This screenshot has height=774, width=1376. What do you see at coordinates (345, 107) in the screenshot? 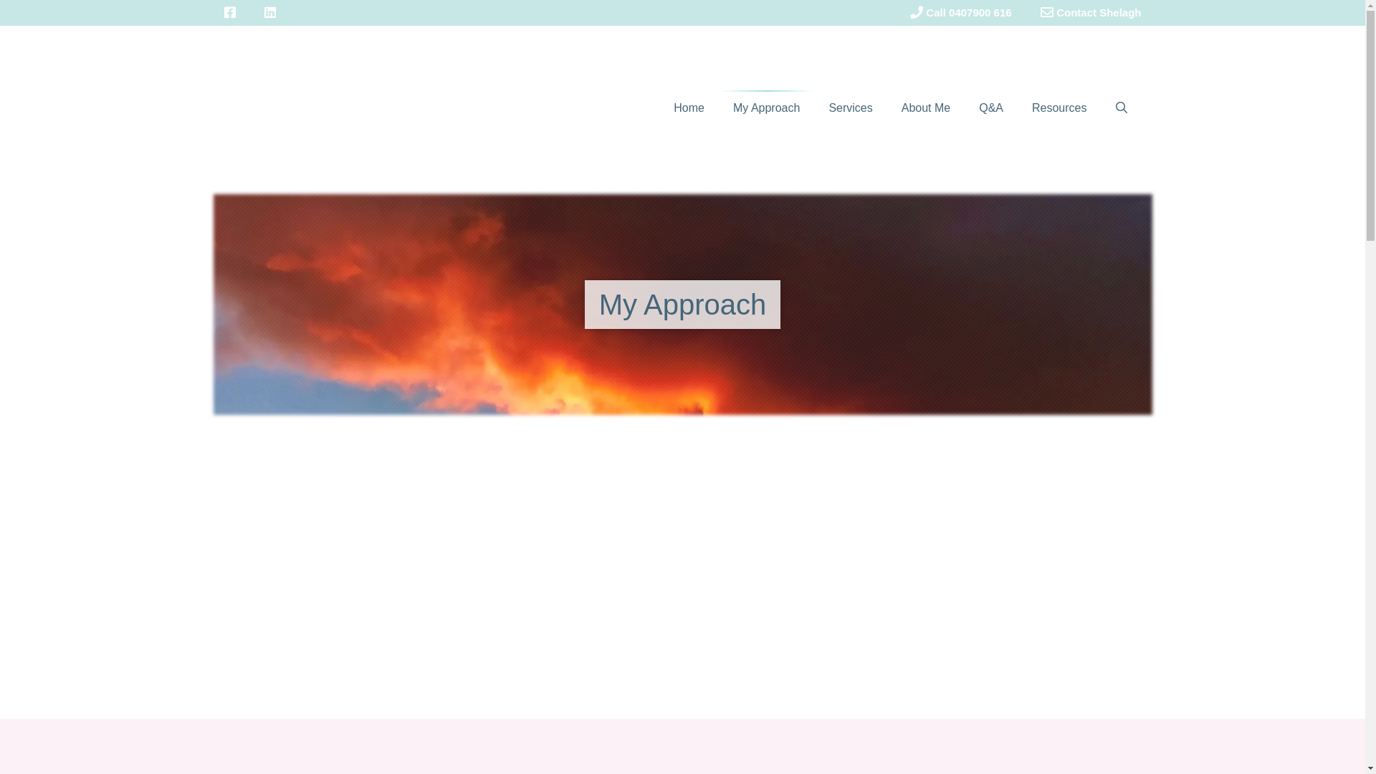
I see `'CHR Counselling'` at bounding box center [345, 107].